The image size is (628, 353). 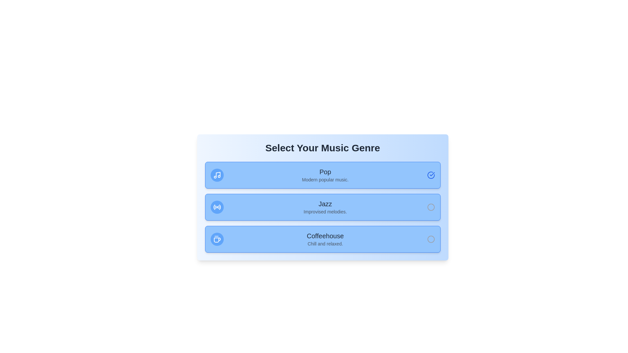 I want to click on the 'Coffeehouse' selectable option in the vertical list of music genres, so click(x=325, y=239).